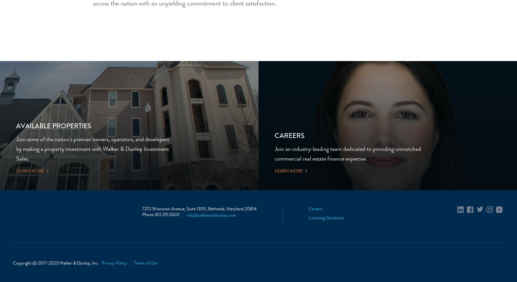 The image size is (517, 282). What do you see at coordinates (16, 150) in the screenshot?
I see `'Join some of the nation's premier owners, operators, and developers by making a property investment with Walker & Dunlop Investment Sales.'` at bounding box center [16, 150].